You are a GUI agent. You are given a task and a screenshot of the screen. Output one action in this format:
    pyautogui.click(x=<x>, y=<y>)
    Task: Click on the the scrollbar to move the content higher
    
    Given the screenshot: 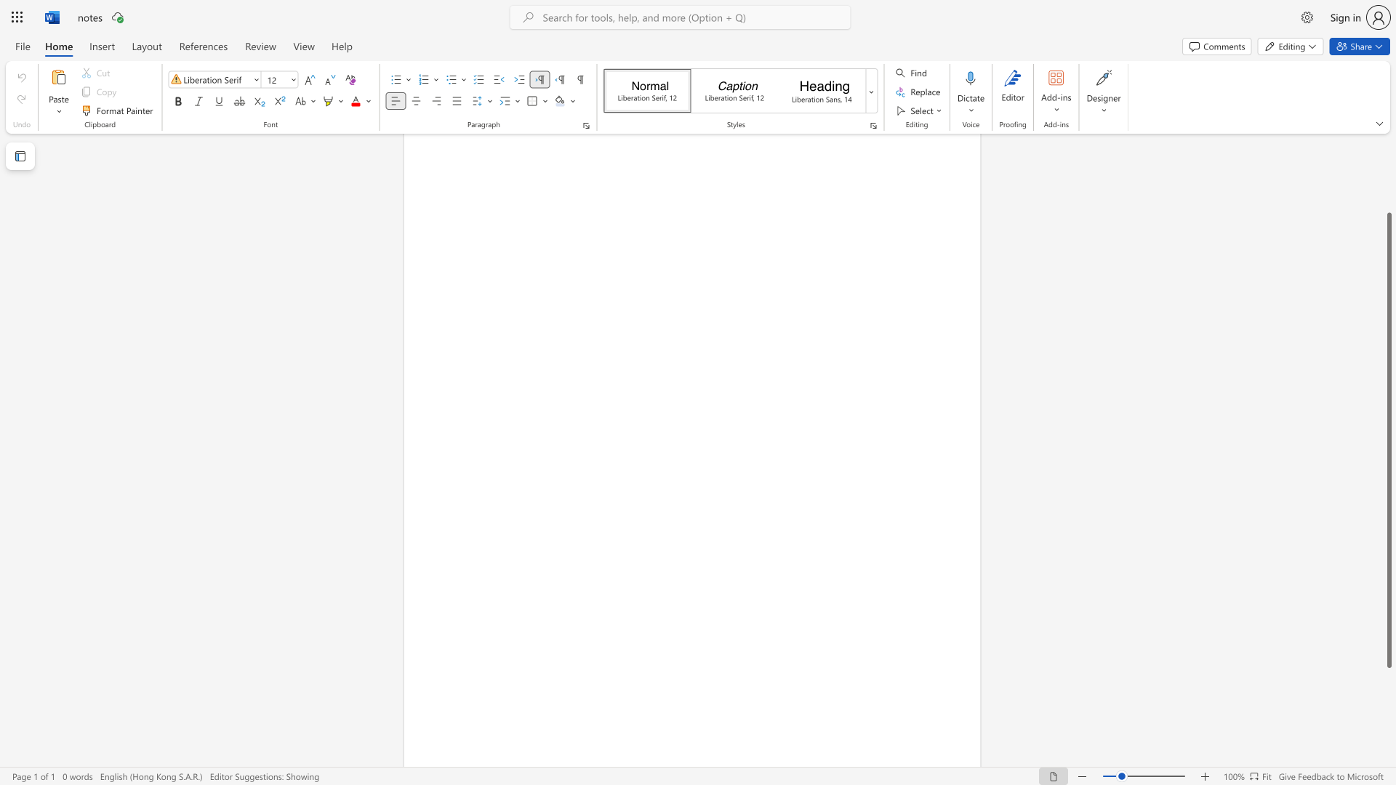 What is the action you would take?
    pyautogui.click(x=1388, y=166)
    